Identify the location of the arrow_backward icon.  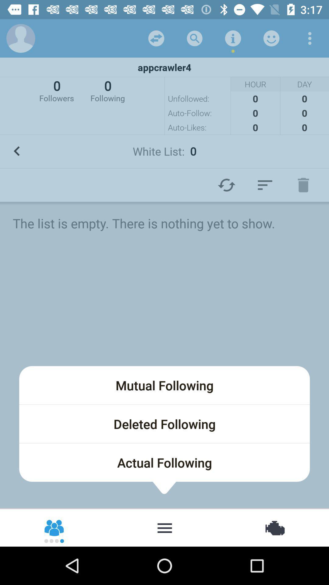
(16, 151).